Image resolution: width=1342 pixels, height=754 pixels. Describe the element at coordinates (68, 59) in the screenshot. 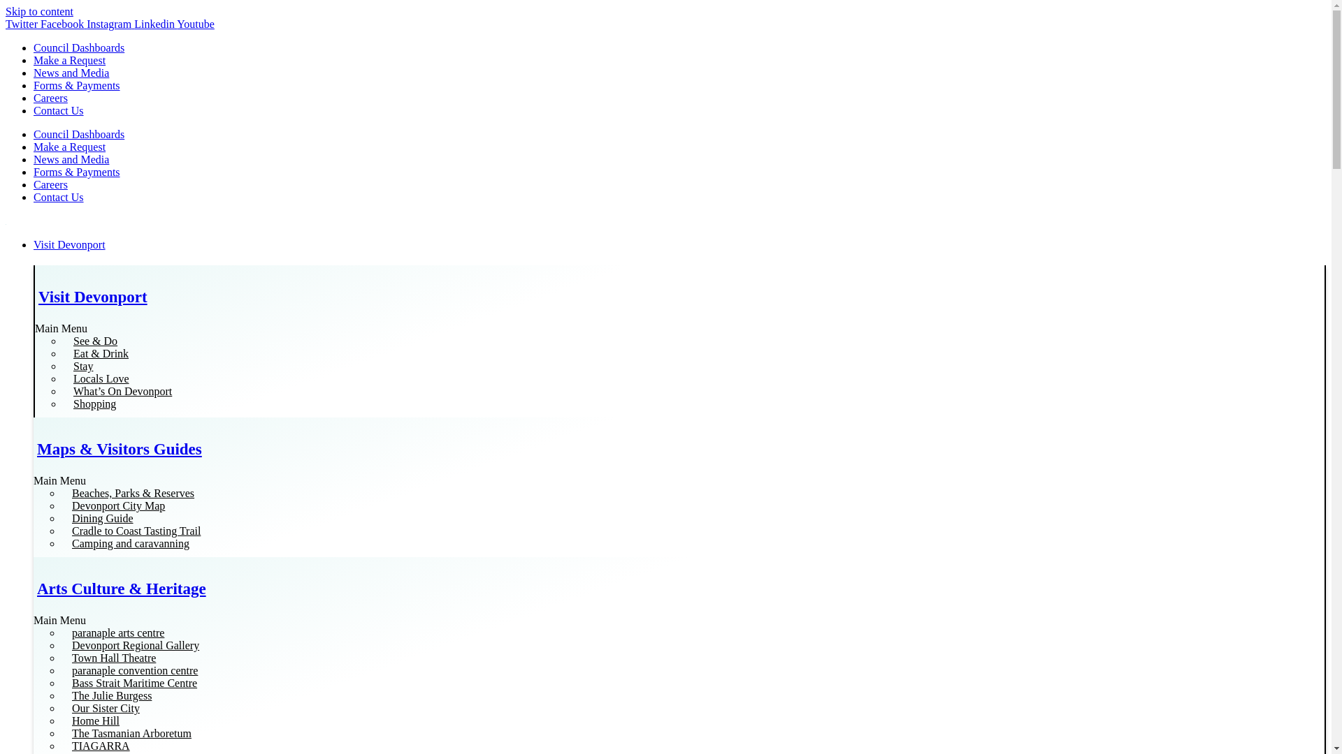

I see `'Make a Request'` at that location.